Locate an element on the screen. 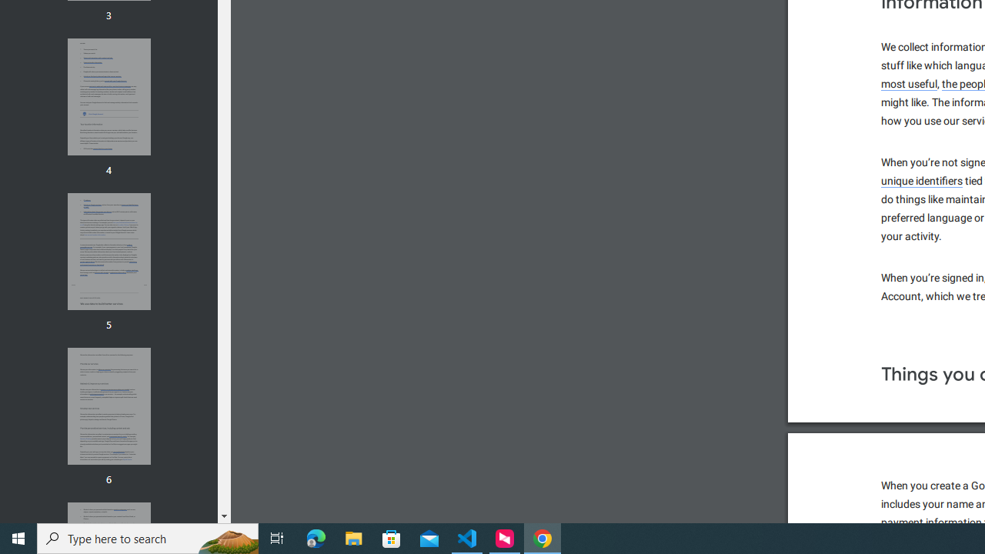 This screenshot has width=985, height=554. 'payment information' is located at coordinates (931, 522).